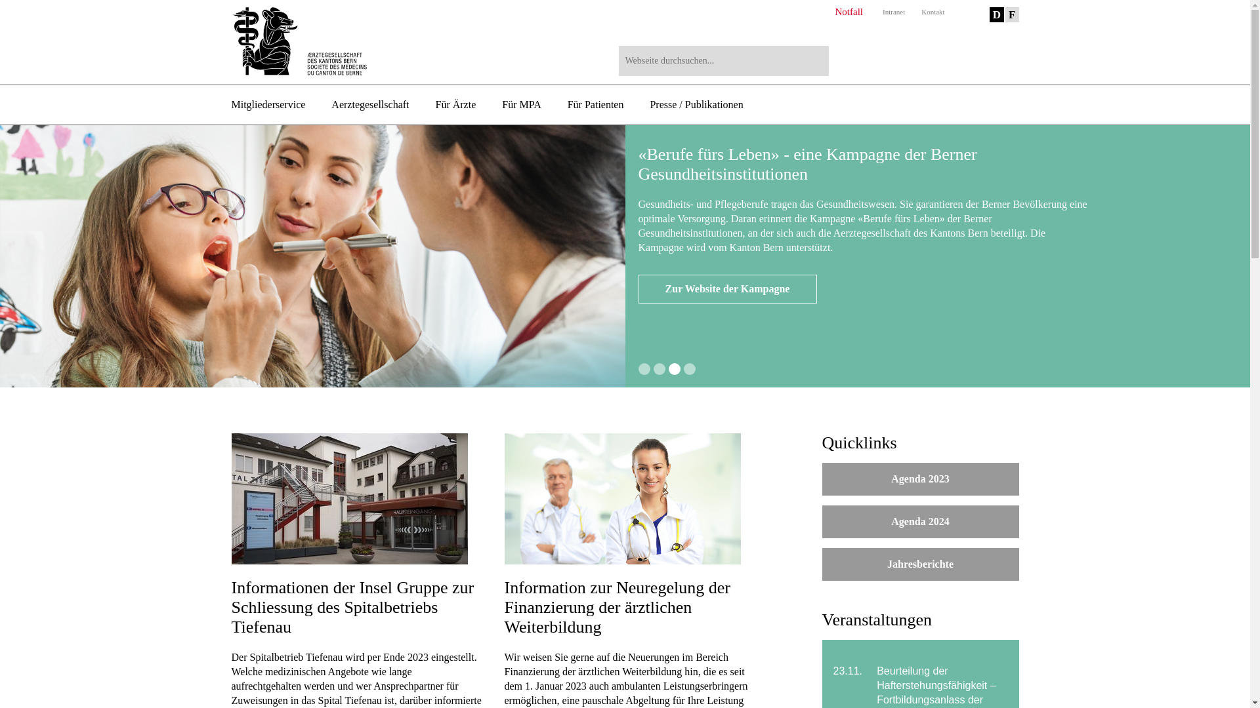 The image size is (1260, 708). Describe the element at coordinates (849, 12) in the screenshot. I see `'Notfall'` at that location.